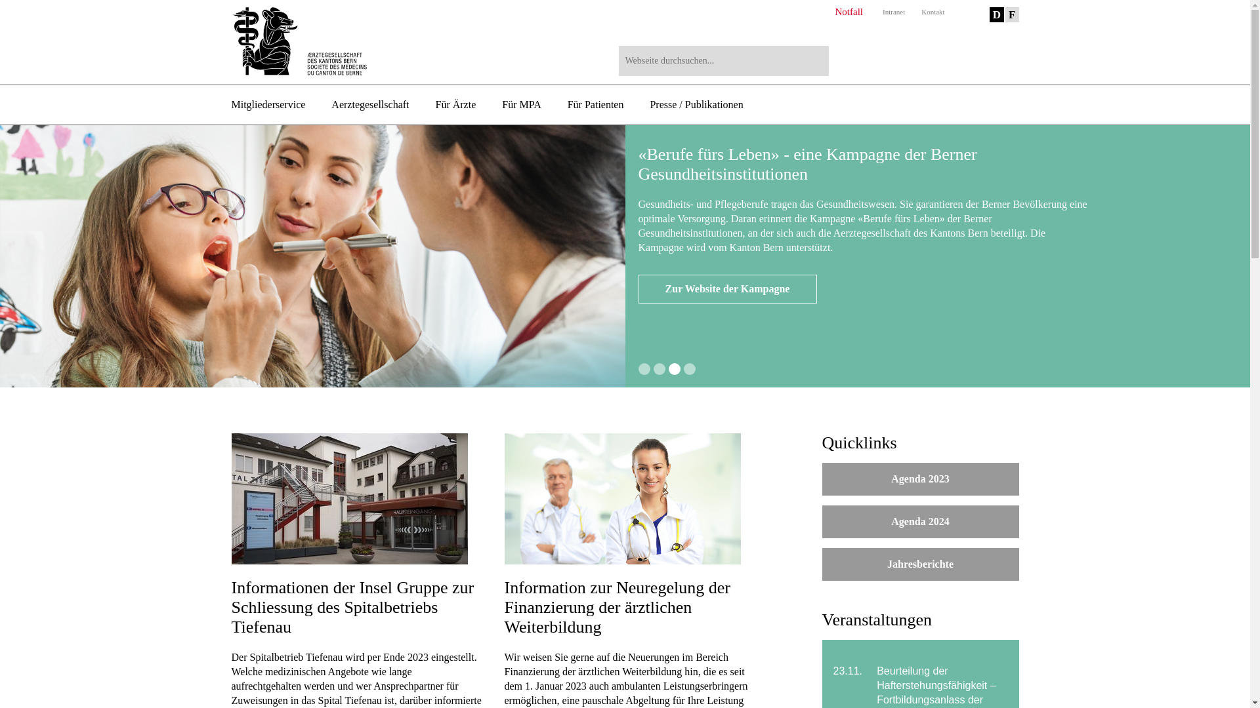 The image size is (1260, 708). Describe the element at coordinates (849, 12) in the screenshot. I see `'Notfall'` at that location.